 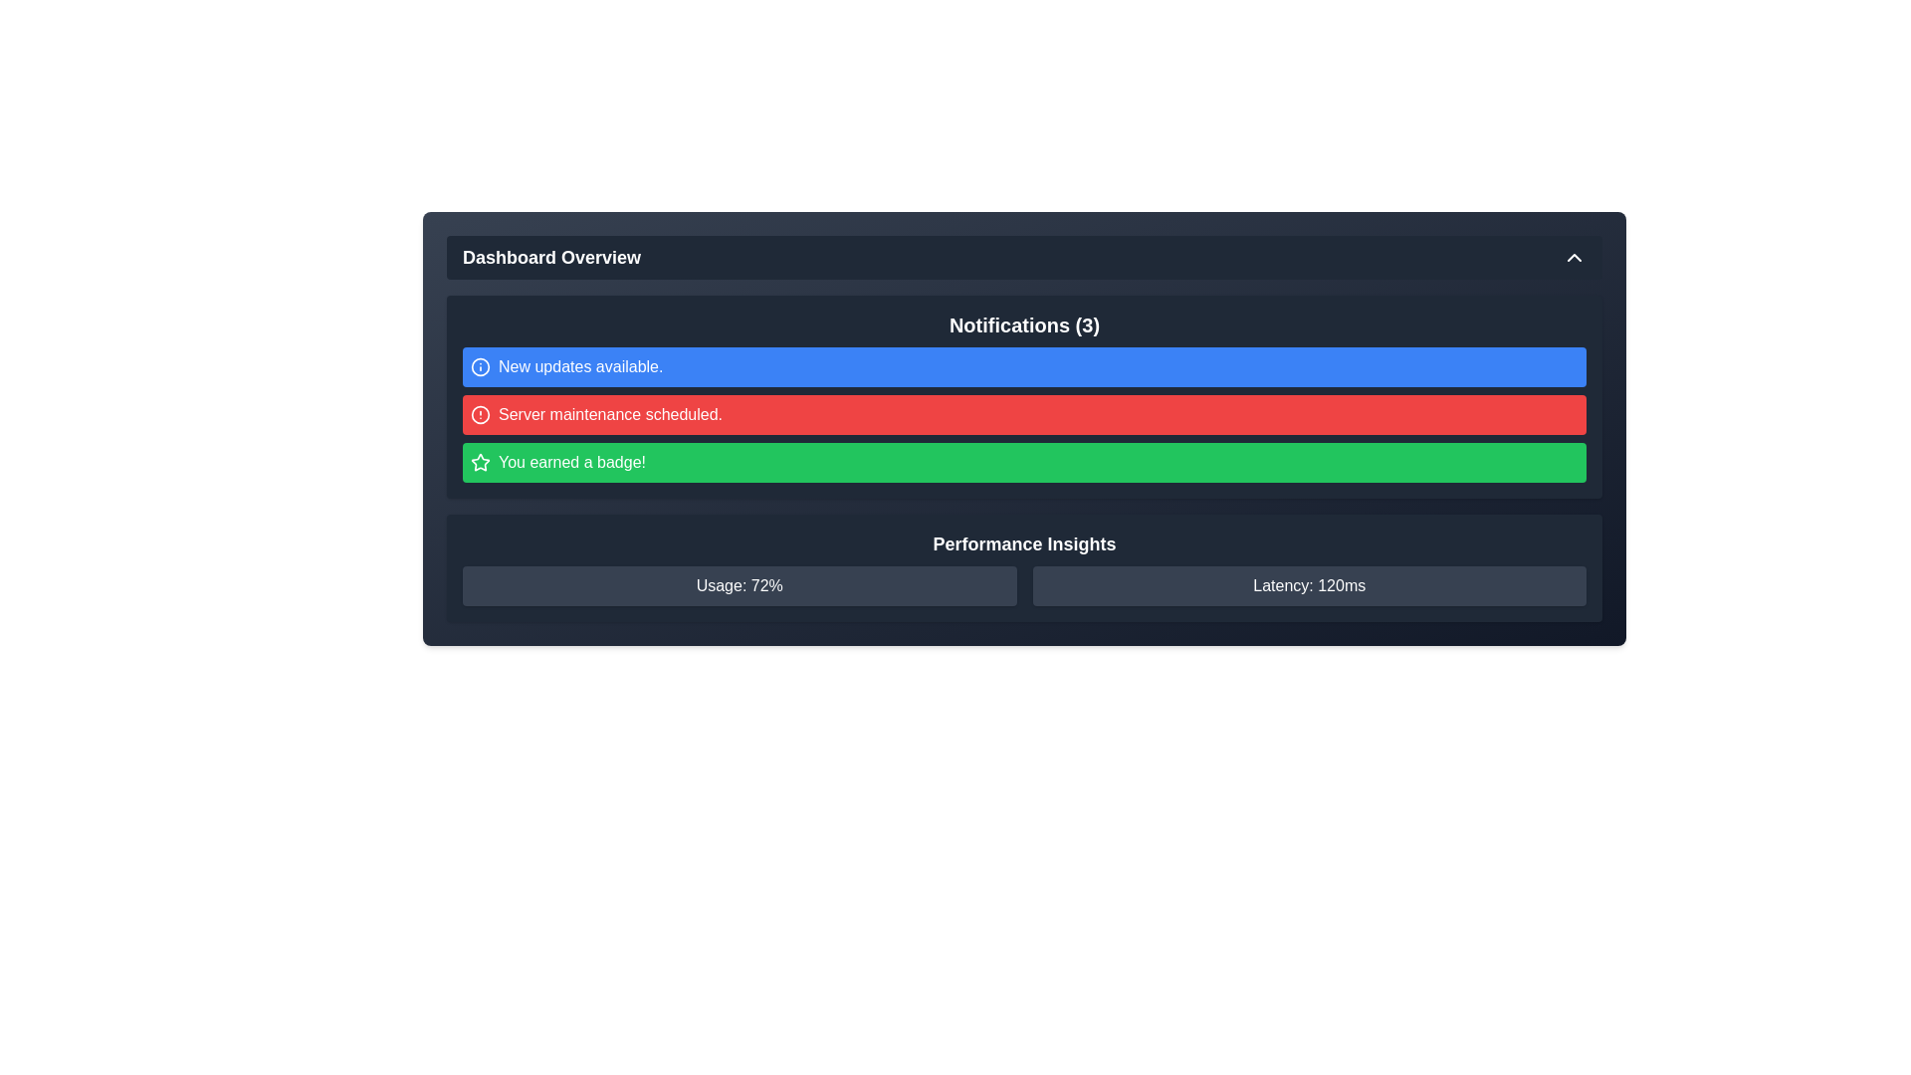 I want to click on the 'Performance Insights' header text label, which is centrally placed above the 'Usage: 72%' and 'Latency: 120ms' boxes, so click(x=1024, y=544).